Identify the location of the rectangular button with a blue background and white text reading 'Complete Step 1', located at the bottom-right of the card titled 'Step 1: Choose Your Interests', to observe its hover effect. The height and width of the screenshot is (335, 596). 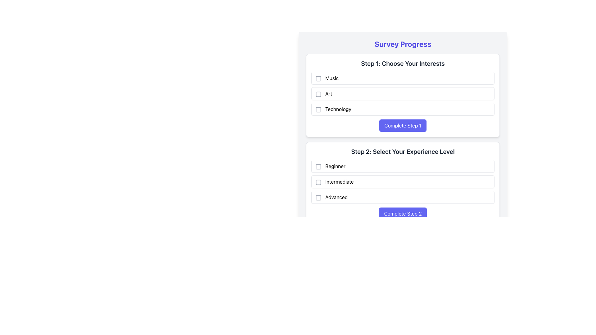
(403, 126).